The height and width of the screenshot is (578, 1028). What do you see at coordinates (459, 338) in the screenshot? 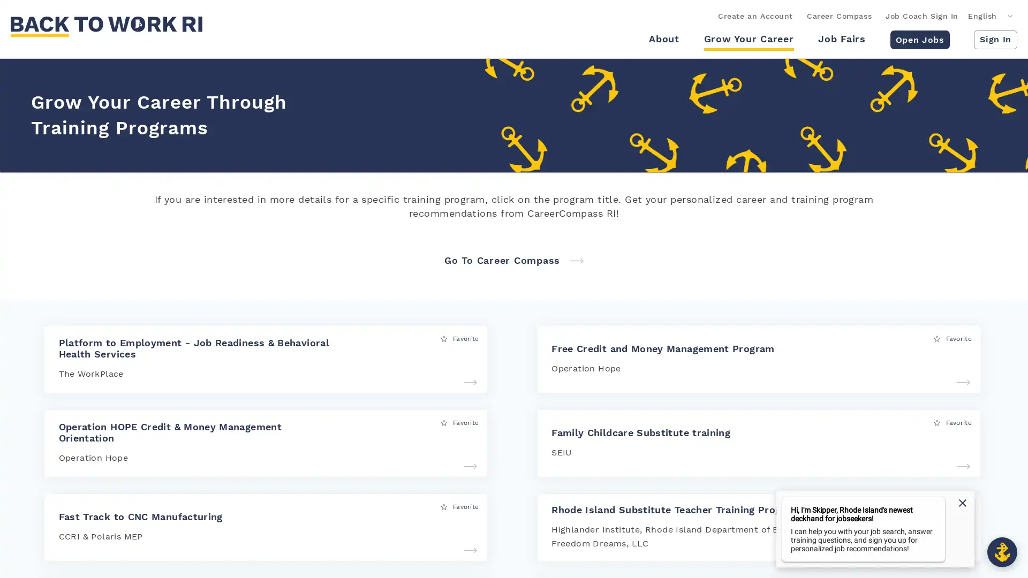
I see `not favorite Favorite` at bounding box center [459, 338].